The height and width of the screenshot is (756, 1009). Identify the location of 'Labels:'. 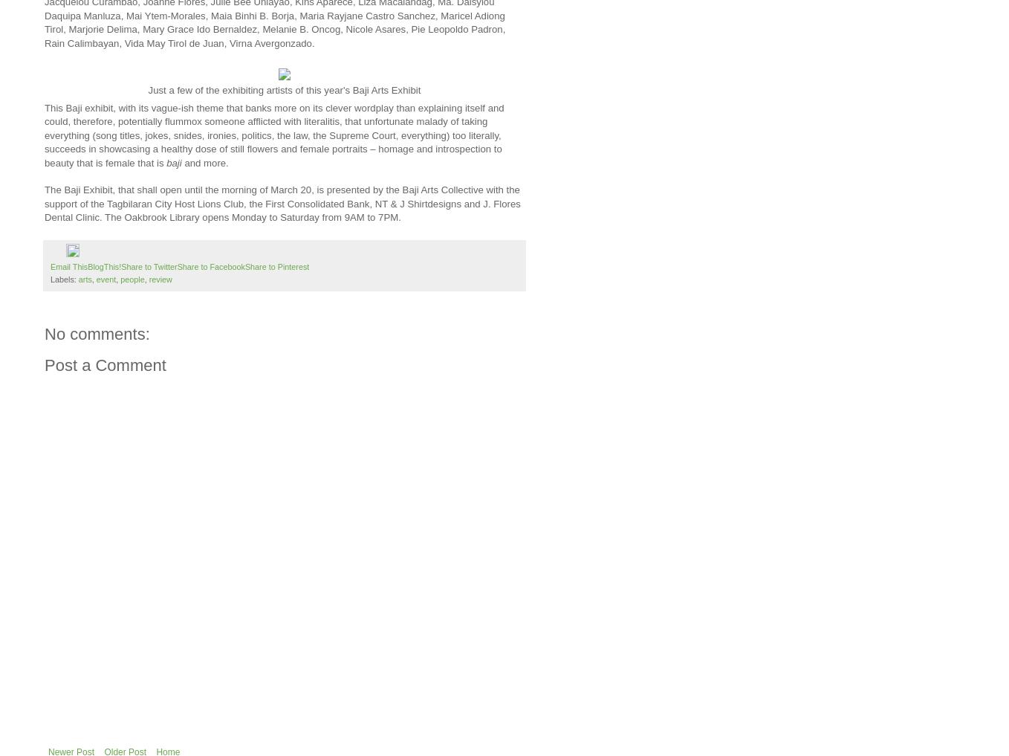
(51, 278).